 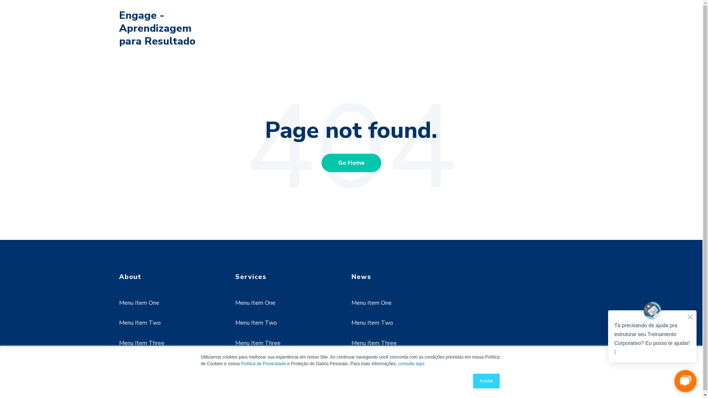 I want to click on 'Menu Item Three', so click(x=258, y=343).